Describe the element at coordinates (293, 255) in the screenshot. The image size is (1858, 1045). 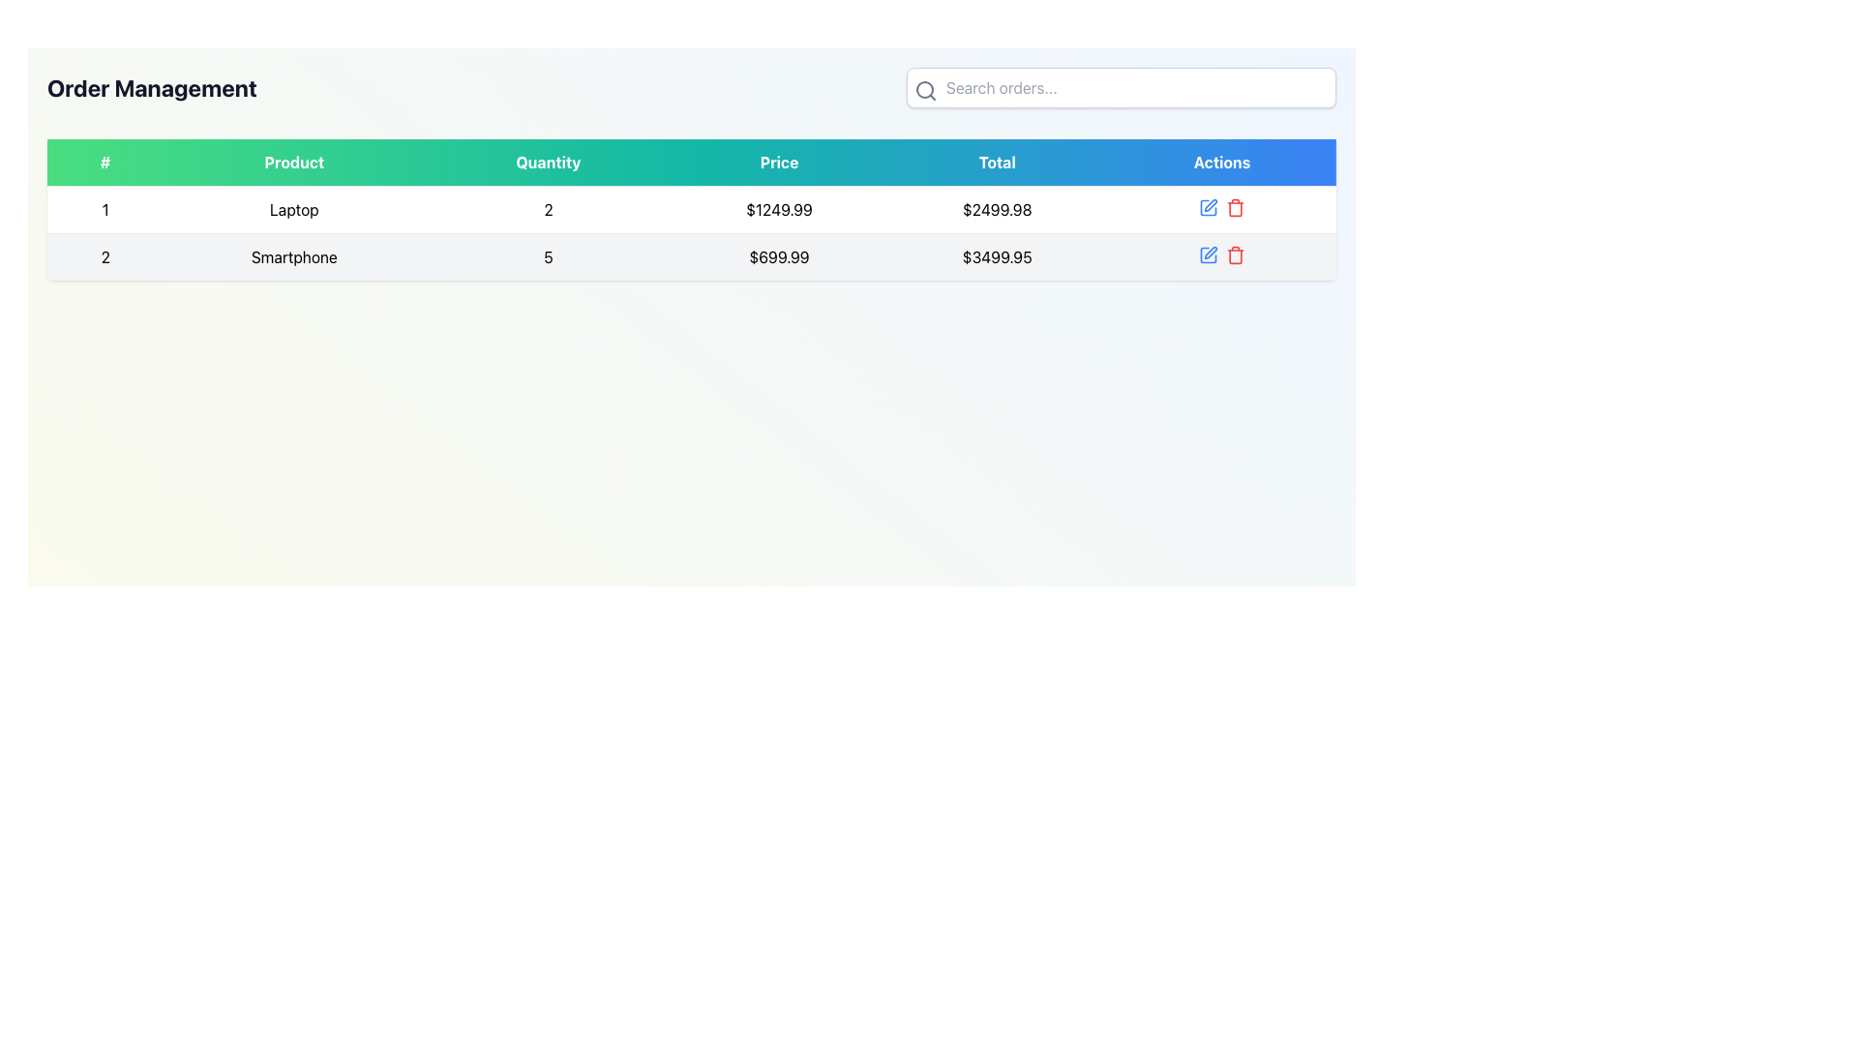
I see `the text label displaying 'Smartphone' located in the second cell of the second row under the 'Product' column in the table` at that location.